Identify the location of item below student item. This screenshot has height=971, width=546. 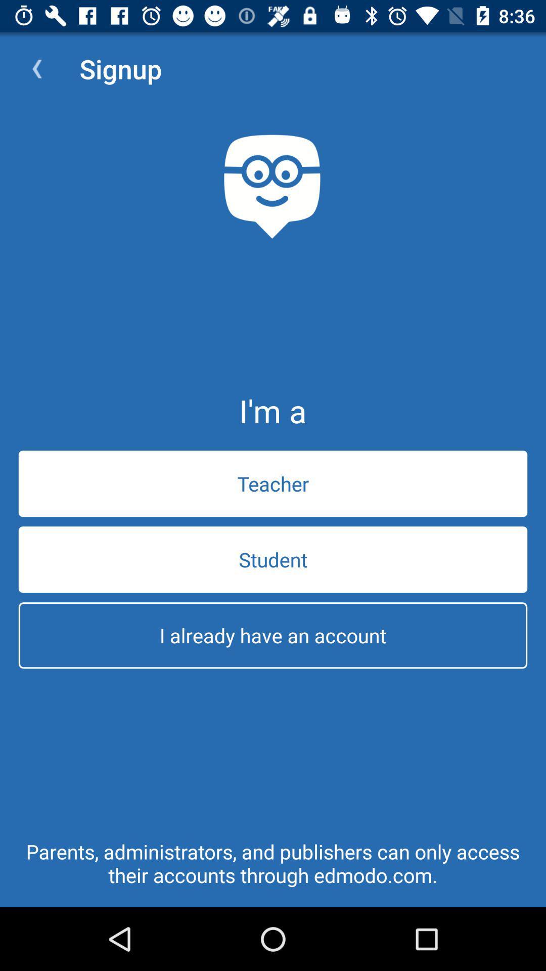
(273, 635).